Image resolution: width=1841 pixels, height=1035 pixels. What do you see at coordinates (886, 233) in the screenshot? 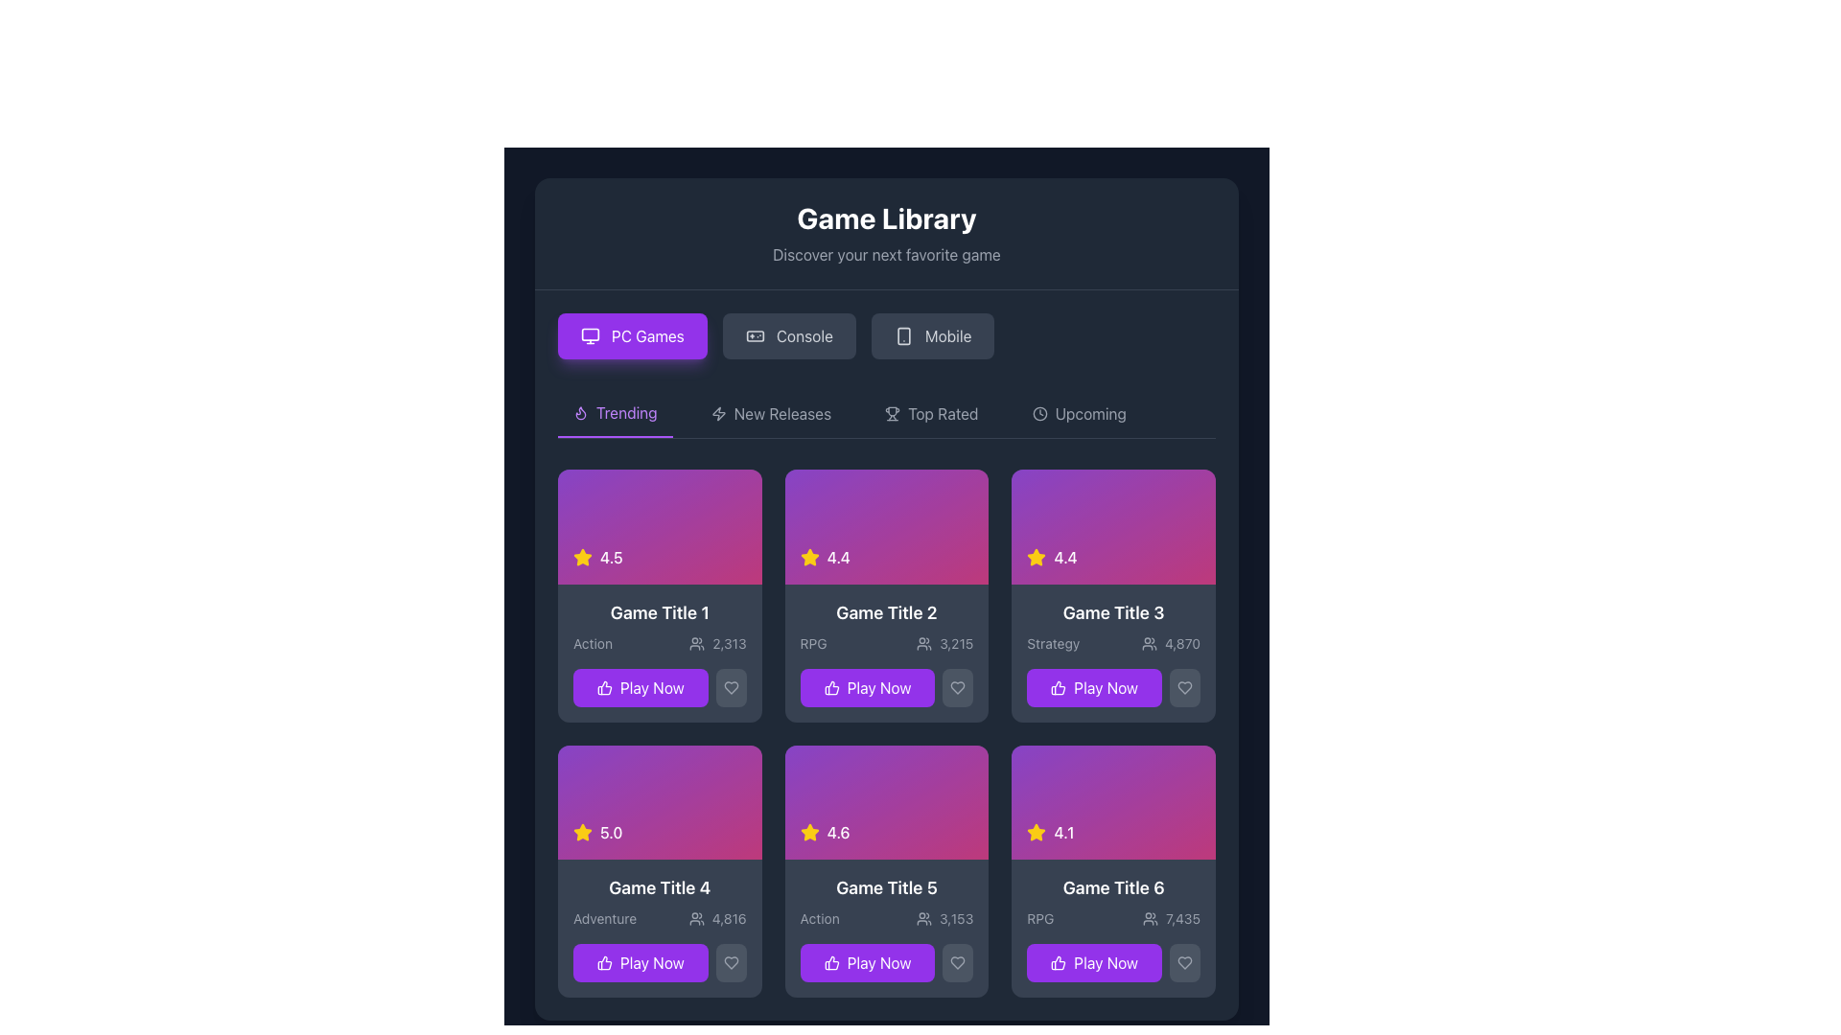
I see `the Header section that serves as a title for the game library page, providing context for the content below, including navigation tabs and game cards` at bounding box center [886, 233].